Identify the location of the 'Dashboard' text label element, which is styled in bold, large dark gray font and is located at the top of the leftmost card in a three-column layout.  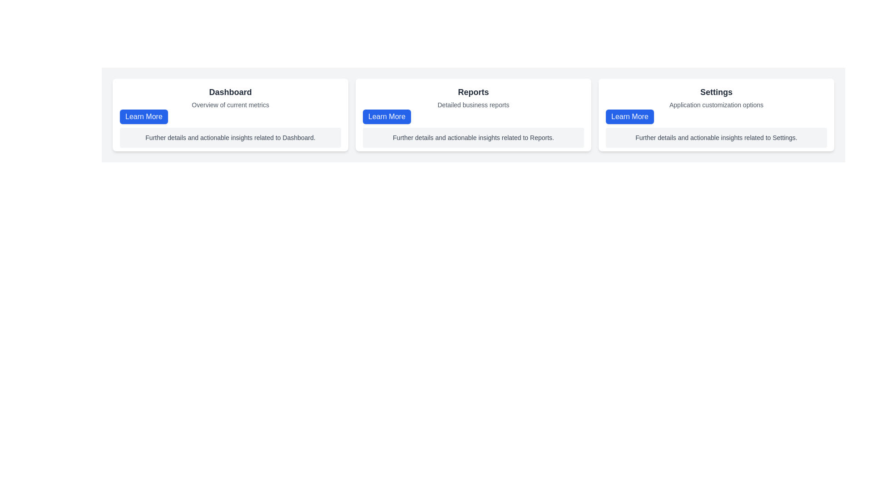
(230, 92).